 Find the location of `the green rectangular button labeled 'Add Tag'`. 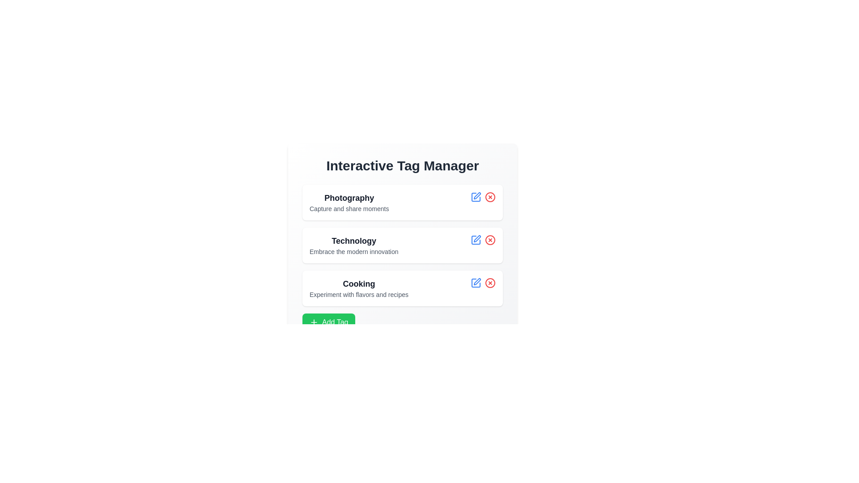

the green rectangular button labeled 'Add Tag' is located at coordinates (328, 322).